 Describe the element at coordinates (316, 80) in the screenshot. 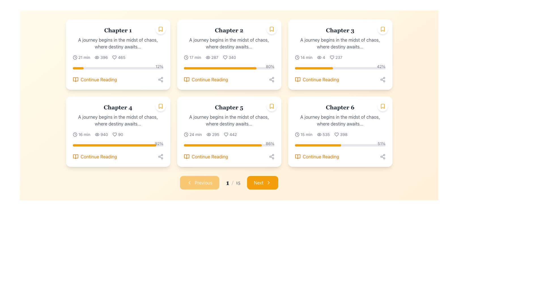

I see `the call-to-action button located in the bottom-right corner of the Chapter 3 card` at that location.